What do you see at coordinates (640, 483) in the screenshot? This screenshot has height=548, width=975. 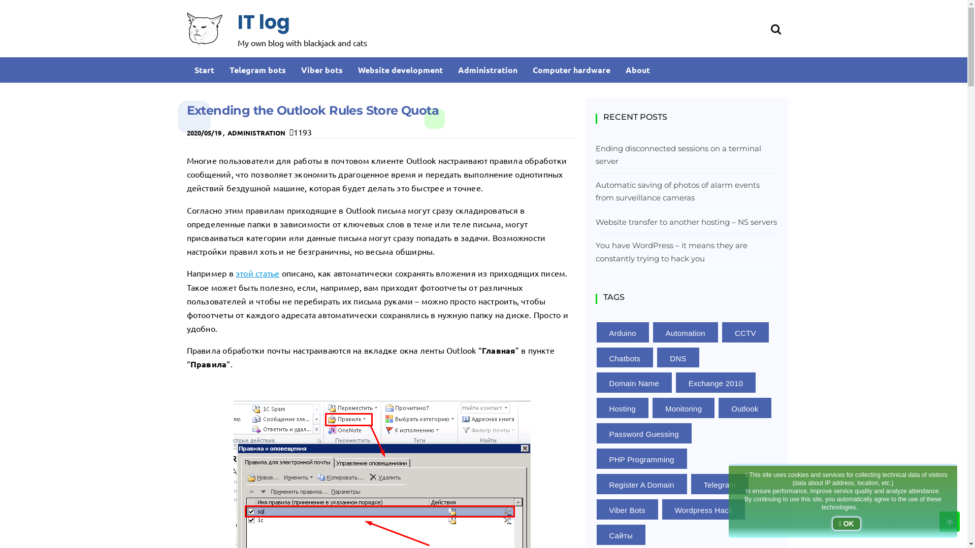 I see `'Register A Domain'` at bounding box center [640, 483].